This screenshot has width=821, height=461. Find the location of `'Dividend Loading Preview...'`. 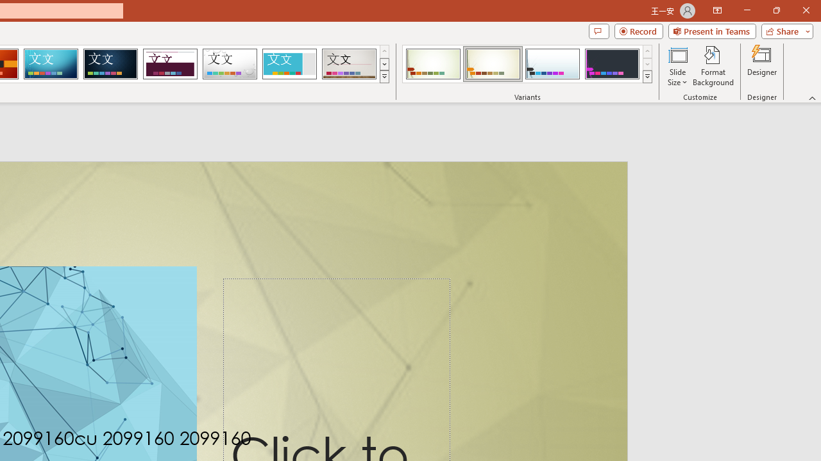

'Dividend Loading Preview...' is located at coordinates (169, 64).